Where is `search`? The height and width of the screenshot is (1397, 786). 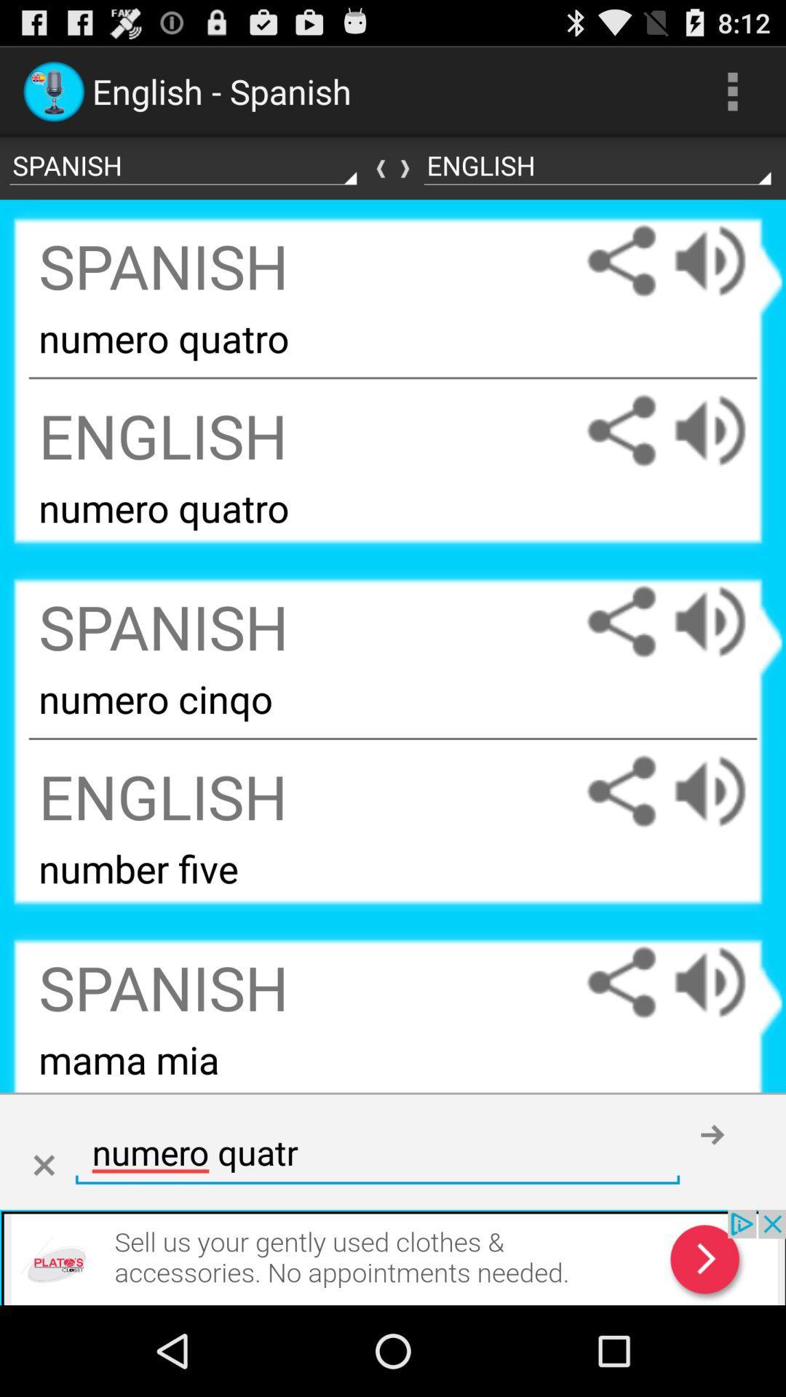
search is located at coordinates (43, 1166).